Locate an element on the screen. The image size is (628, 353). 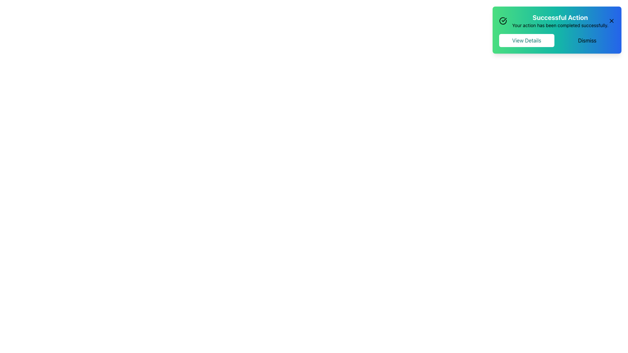
success message displayed in the Text Display located at the top right corner of the content area, below the check icon and next to the close button is located at coordinates (556, 21).